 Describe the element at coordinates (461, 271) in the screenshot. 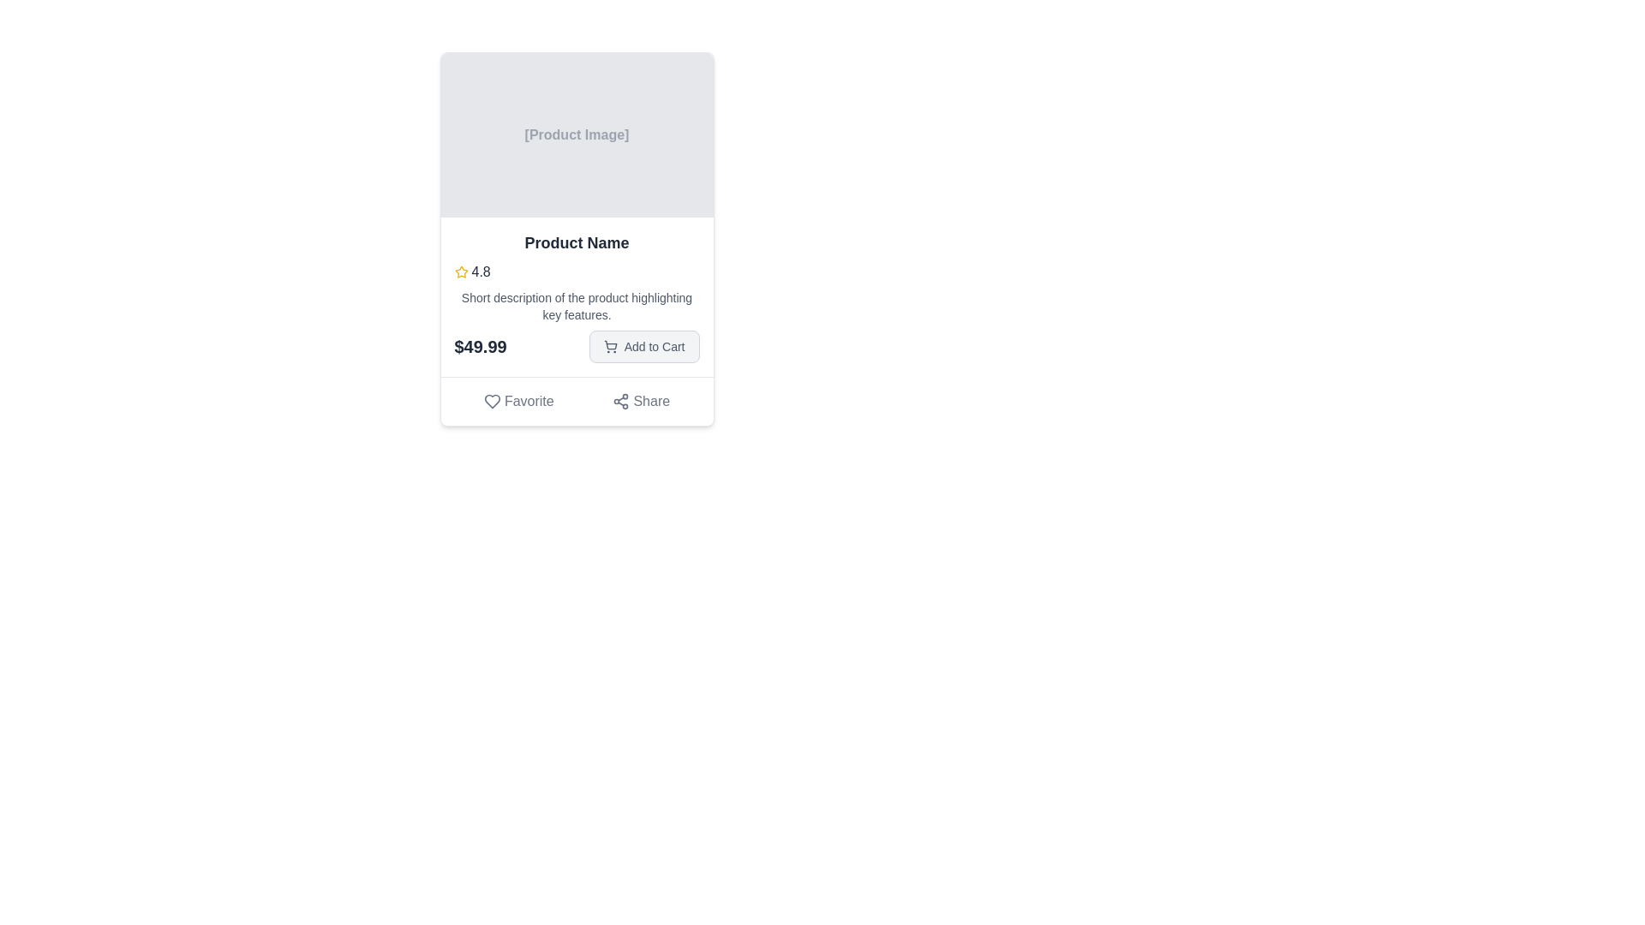

I see `the star rating icon located to the left of the numerical rating text '4.8' in the rating section of the product card` at that location.